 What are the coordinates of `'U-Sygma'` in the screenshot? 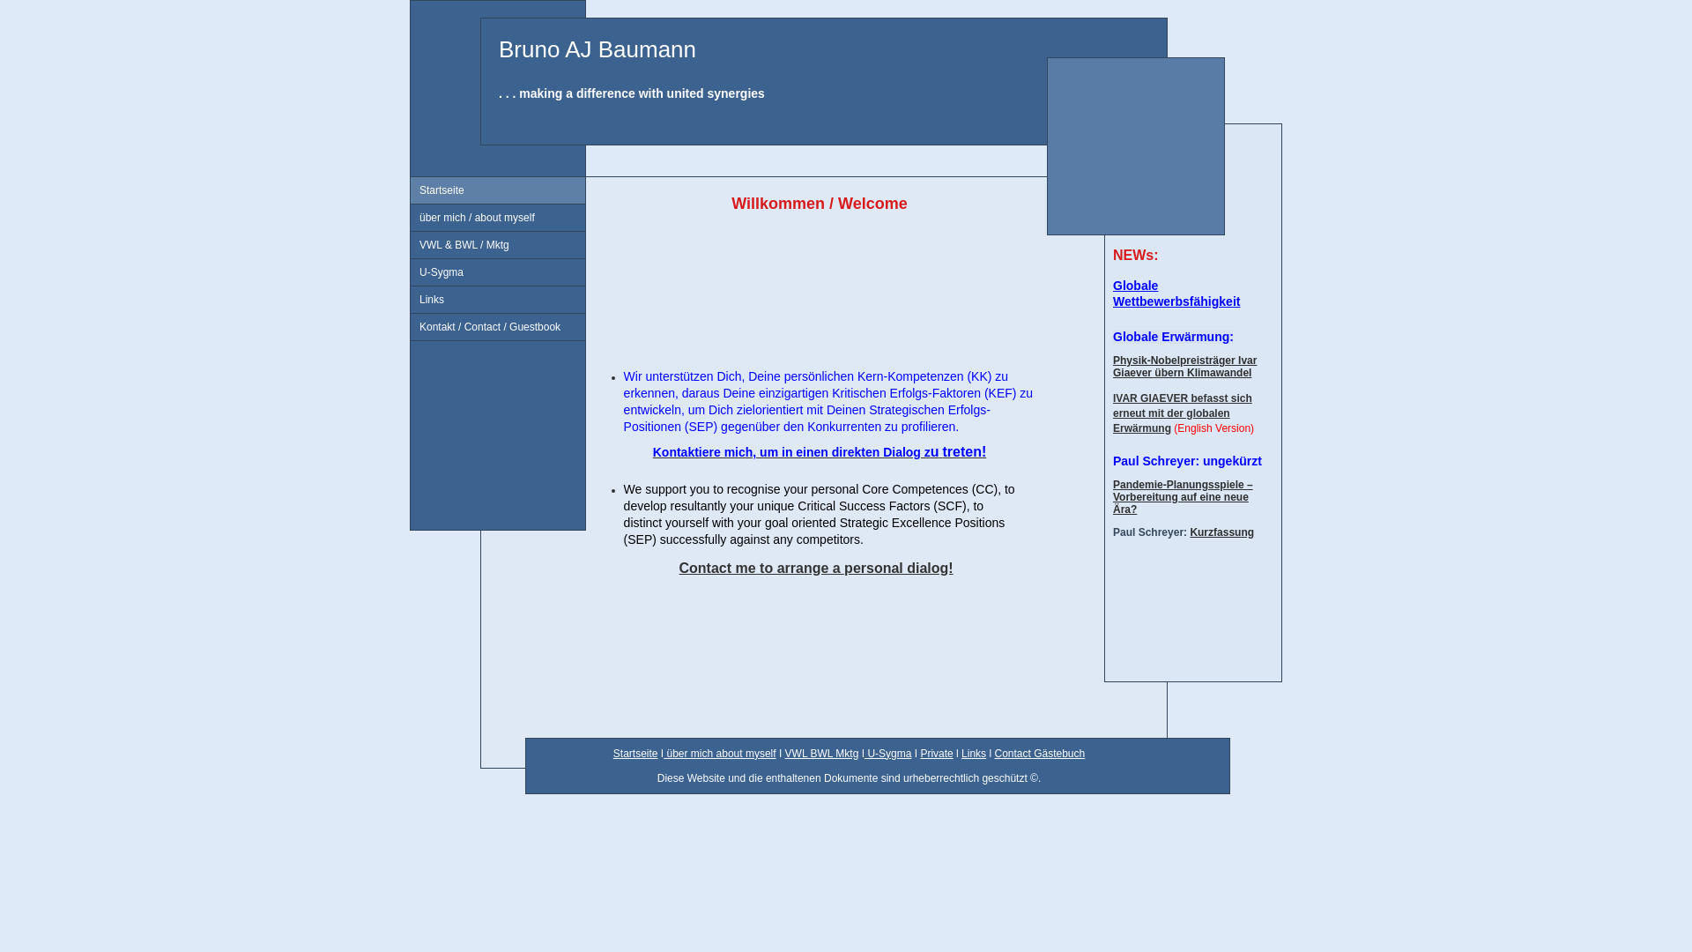 It's located at (497, 272).